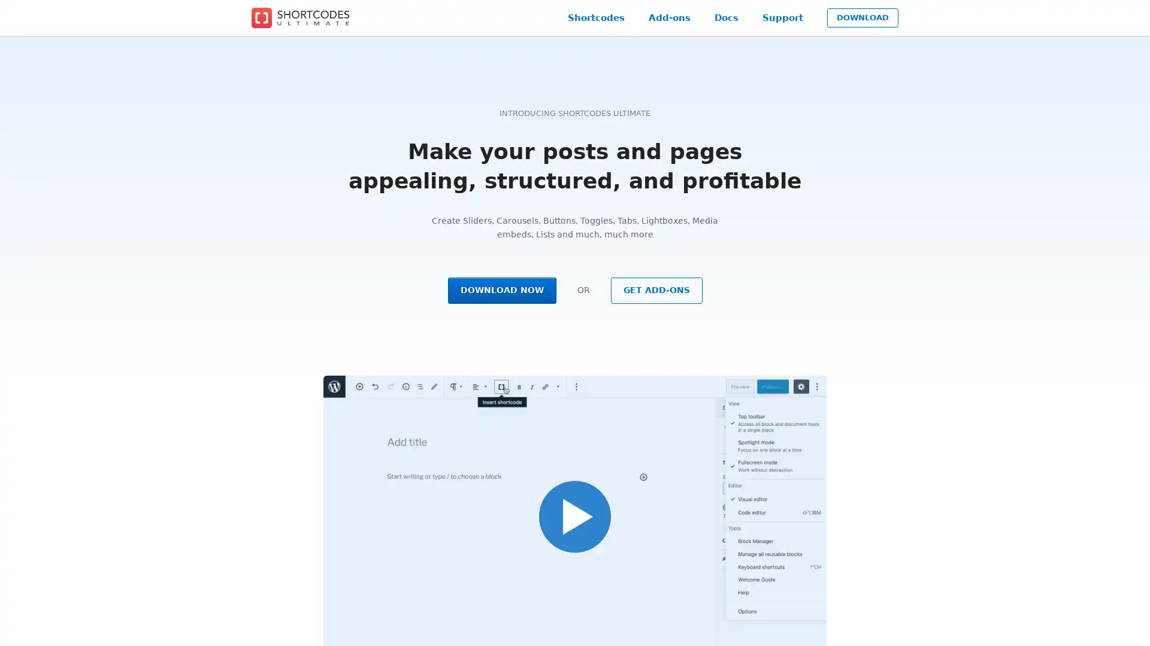 The height and width of the screenshot is (646, 1150). Describe the element at coordinates (575, 516) in the screenshot. I see `Play the video` at that location.